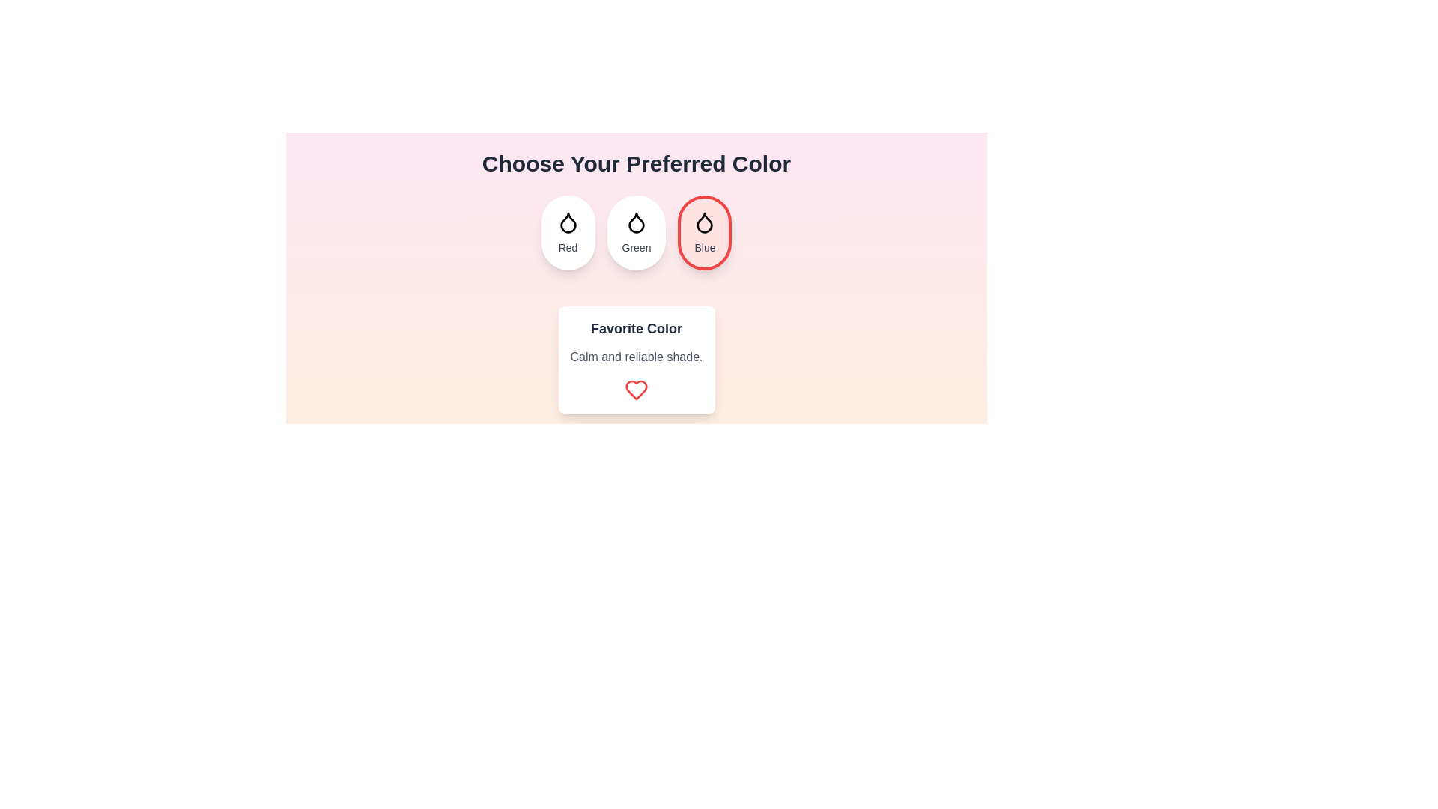 This screenshot has height=809, width=1438. Describe the element at coordinates (636, 389) in the screenshot. I see `the heart icon to interact with it` at that location.